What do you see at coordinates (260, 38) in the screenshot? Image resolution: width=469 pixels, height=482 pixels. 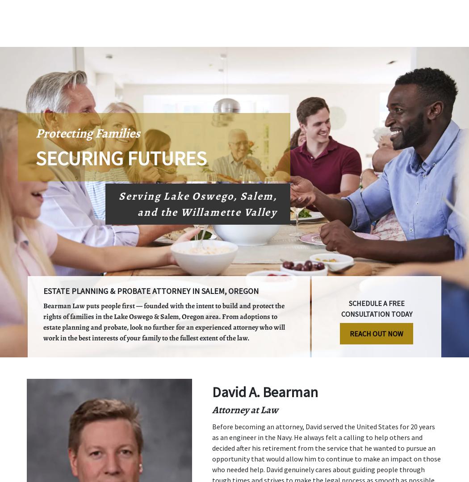 I see `'Testimonials'` at bounding box center [260, 38].